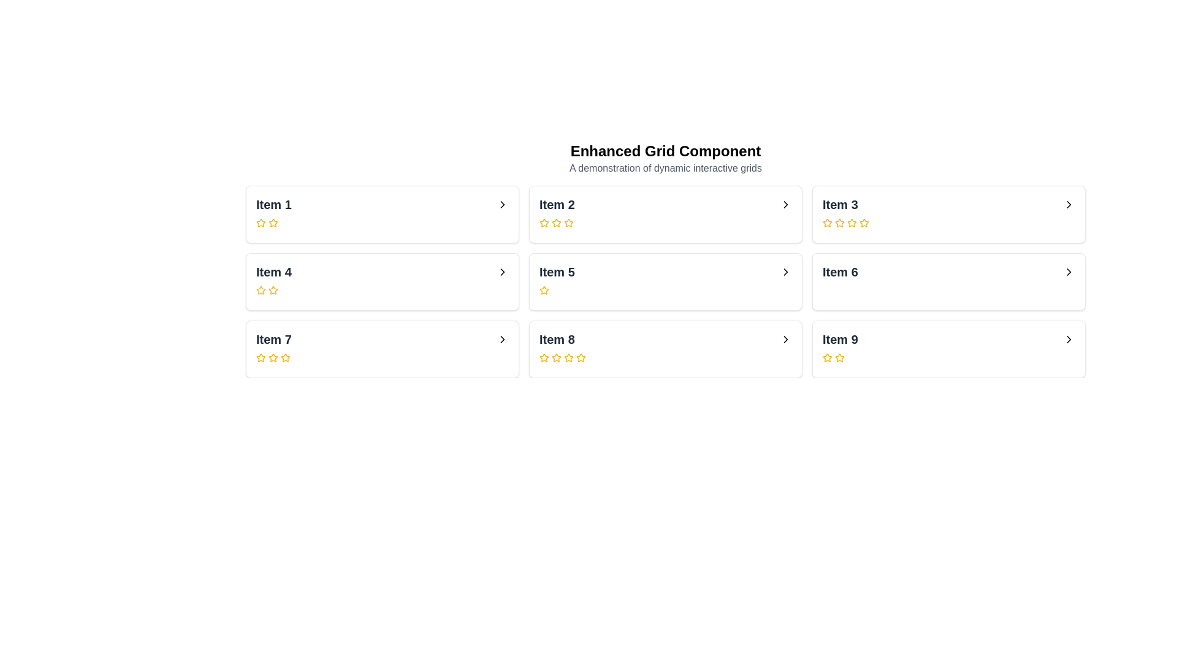 The image size is (1177, 662). I want to click on the Card representing 'Item 7', which is located, so click(382, 349).